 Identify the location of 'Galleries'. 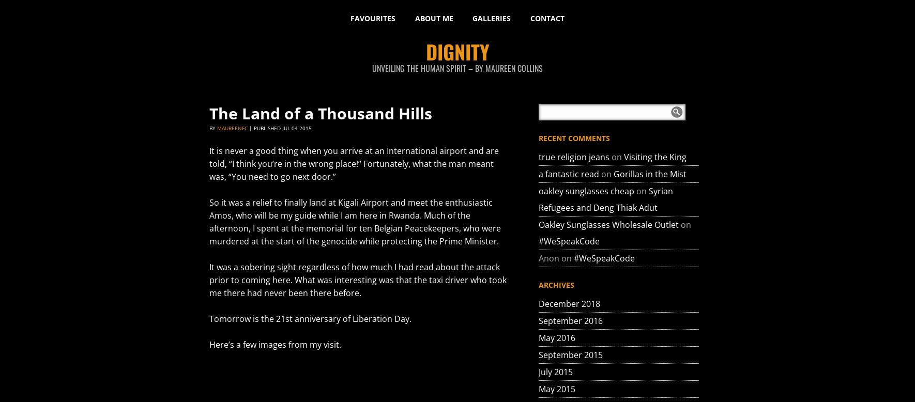
(491, 18).